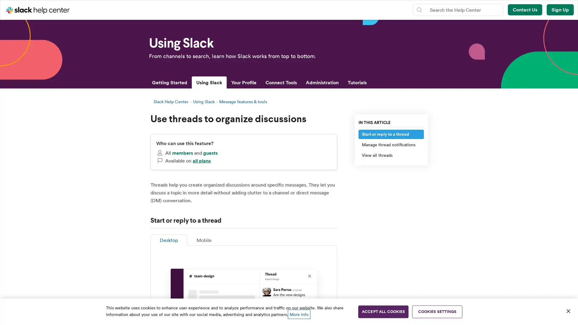  Describe the element at coordinates (383, 311) in the screenshot. I see `ACCEPT ALL COOKIES` at that location.